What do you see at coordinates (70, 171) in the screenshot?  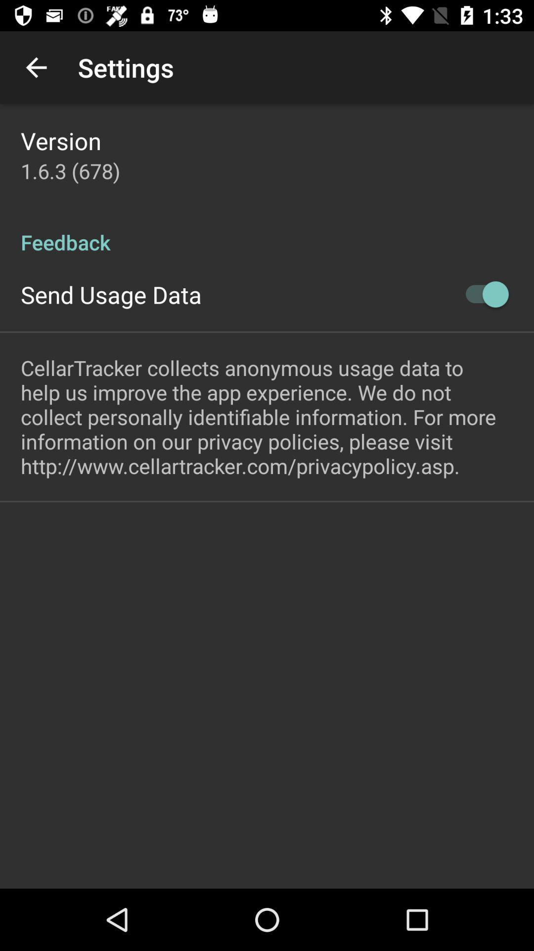 I see `1 6 3 app` at bounding box center [70, 171].